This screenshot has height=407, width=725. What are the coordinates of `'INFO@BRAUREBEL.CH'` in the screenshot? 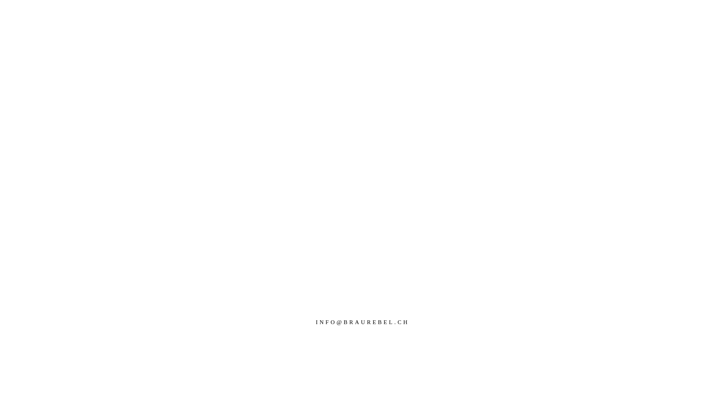 It's located at (362, 322).